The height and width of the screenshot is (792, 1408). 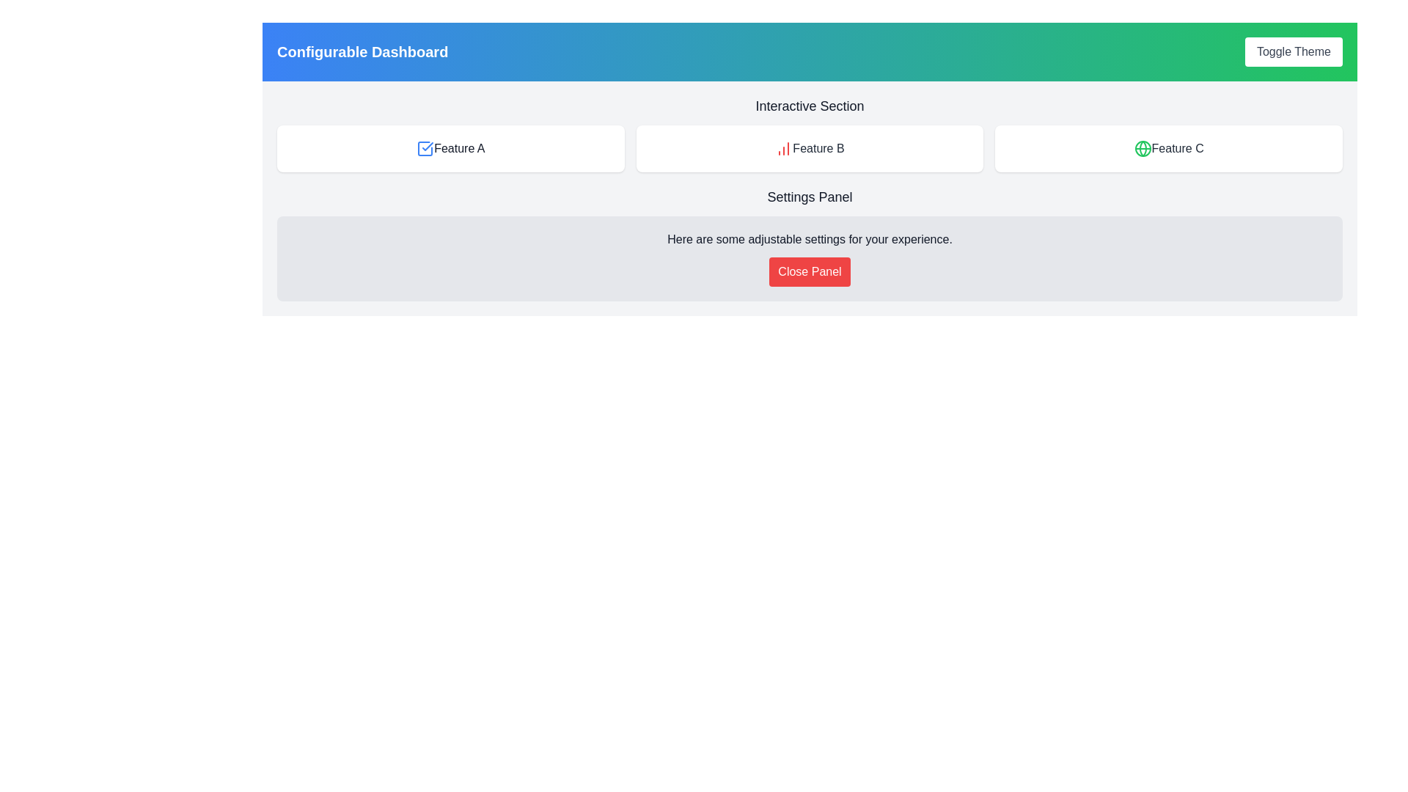 What do you see at coordinates (1142, 149) in the screenshot?
I see `the globe icon styled with a green color, which is located to the left of the text 'Feature C' in the third feature card` at bounding box center [1142, 149].